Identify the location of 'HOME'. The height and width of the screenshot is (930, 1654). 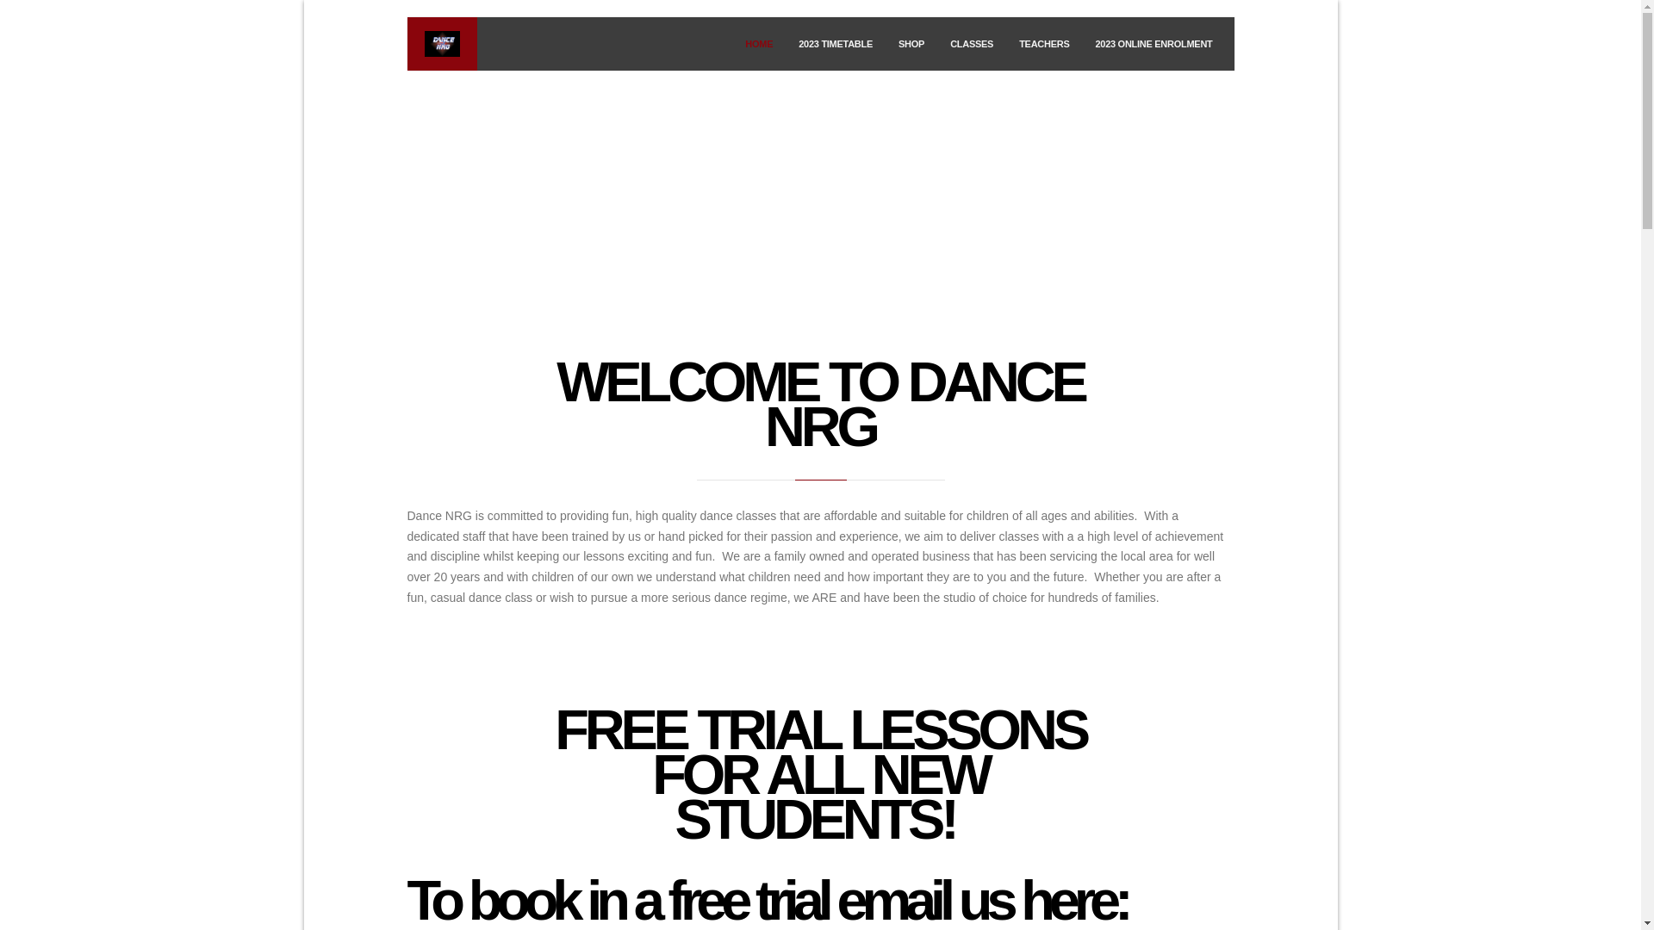
(758, 43).